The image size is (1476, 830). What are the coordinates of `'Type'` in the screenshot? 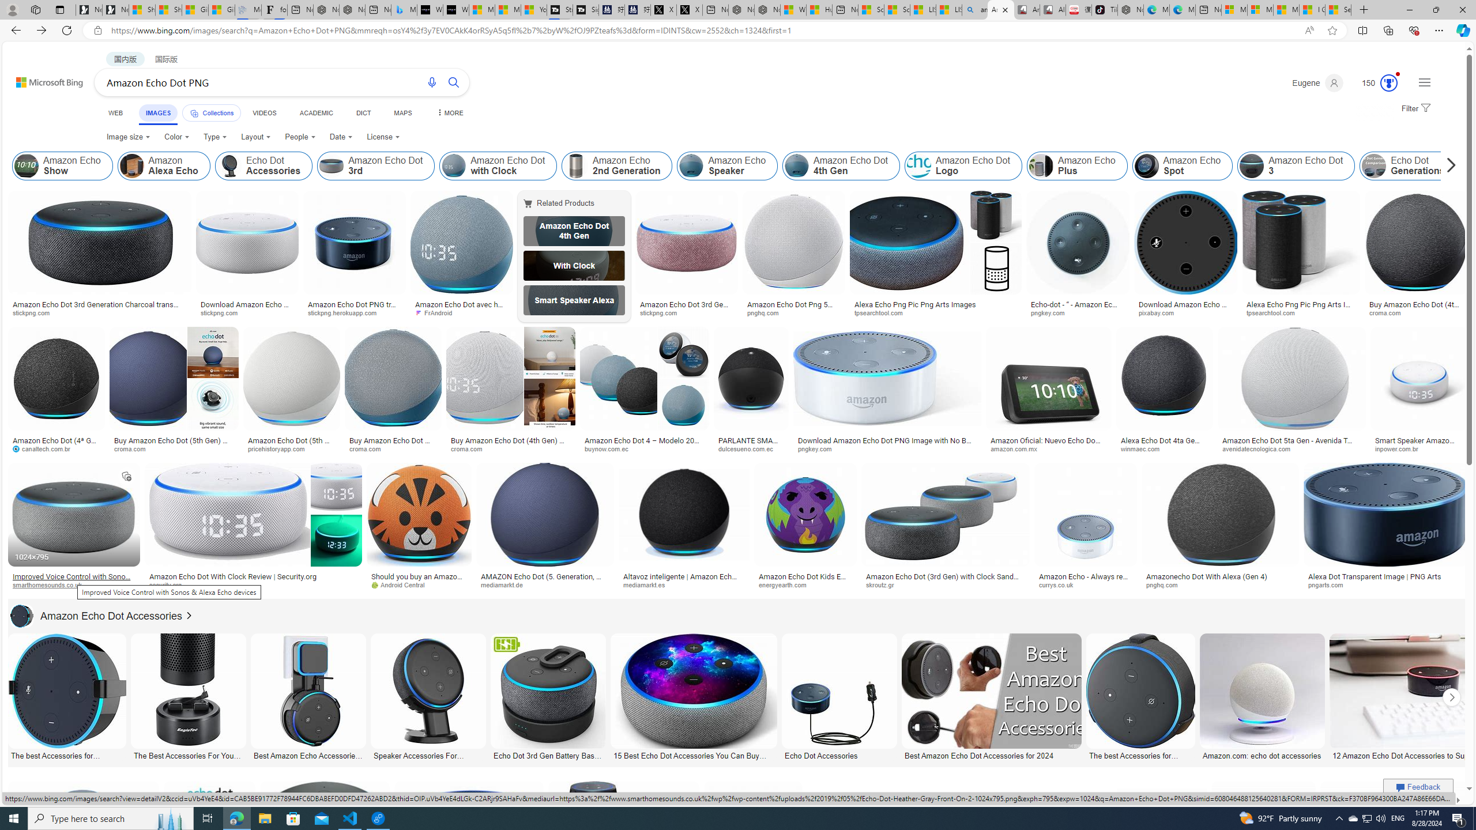 It's located at (214, 137).